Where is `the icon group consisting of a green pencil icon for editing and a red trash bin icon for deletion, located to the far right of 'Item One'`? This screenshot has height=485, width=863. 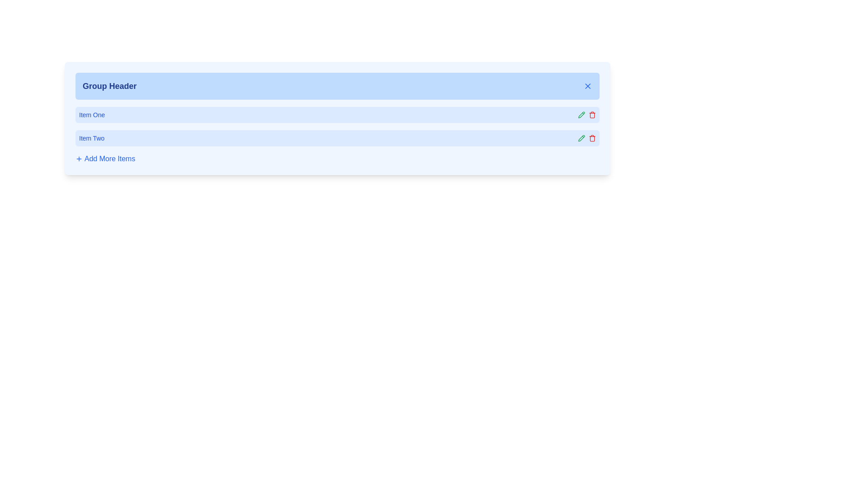
the icon group consisting of a green pencil icon for editing and a red trash bin icon for deletion, located to the far right of 'Item One' is located at coordinates (587, 114).